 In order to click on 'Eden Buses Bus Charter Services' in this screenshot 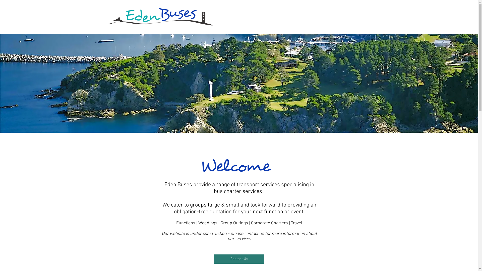, I will do `click(160, 16)`.